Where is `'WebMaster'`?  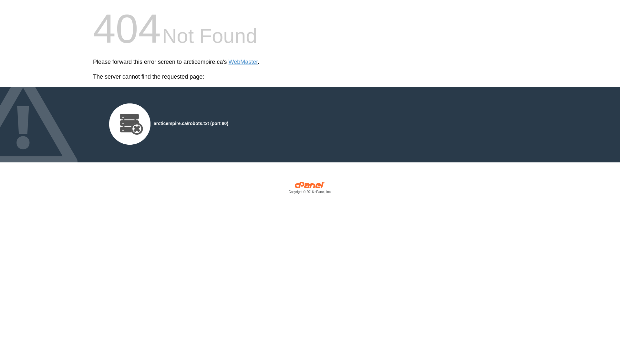
'WebMaster' is located at coordinates (243, 62).